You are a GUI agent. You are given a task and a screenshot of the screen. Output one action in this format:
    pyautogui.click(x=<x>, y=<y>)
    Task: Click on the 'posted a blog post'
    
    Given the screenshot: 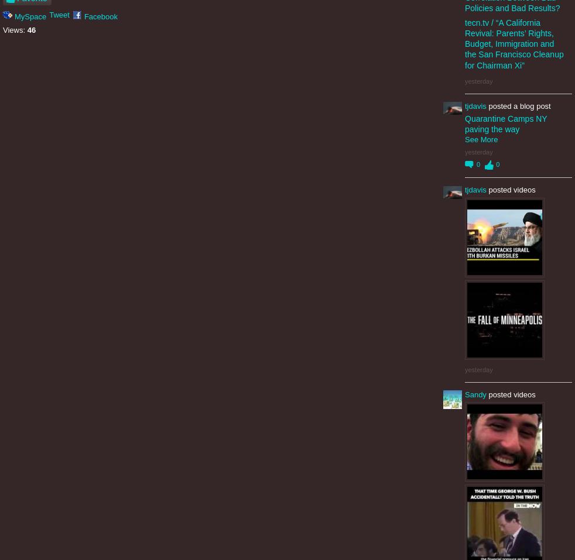 What is the action you would take?
    pyautogui.click(x=518, y=105)
    